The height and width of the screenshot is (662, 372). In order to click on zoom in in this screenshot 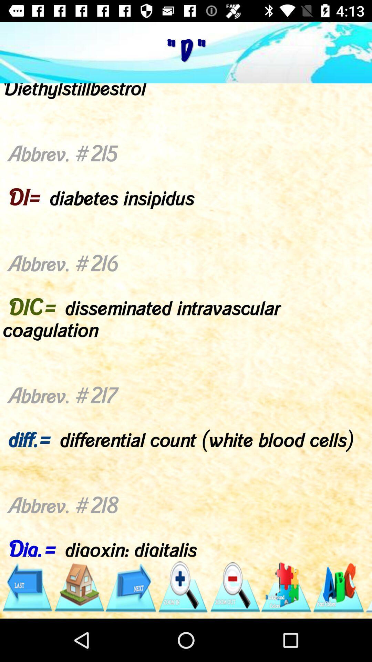, I will do `click(182, 587)`.